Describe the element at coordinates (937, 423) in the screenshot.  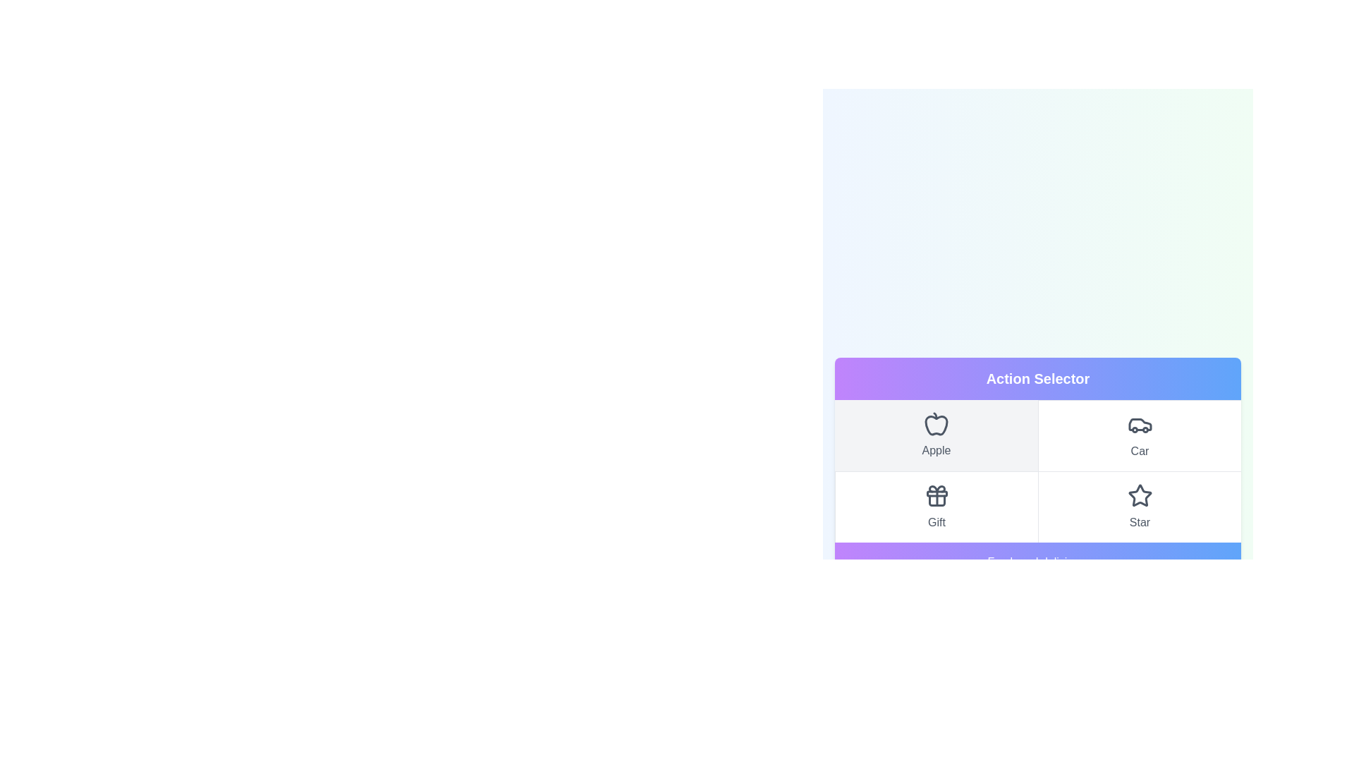
I see `the Apple Icon (SVG) located in the top-left cell of a 2x2 grid layout` at that location.